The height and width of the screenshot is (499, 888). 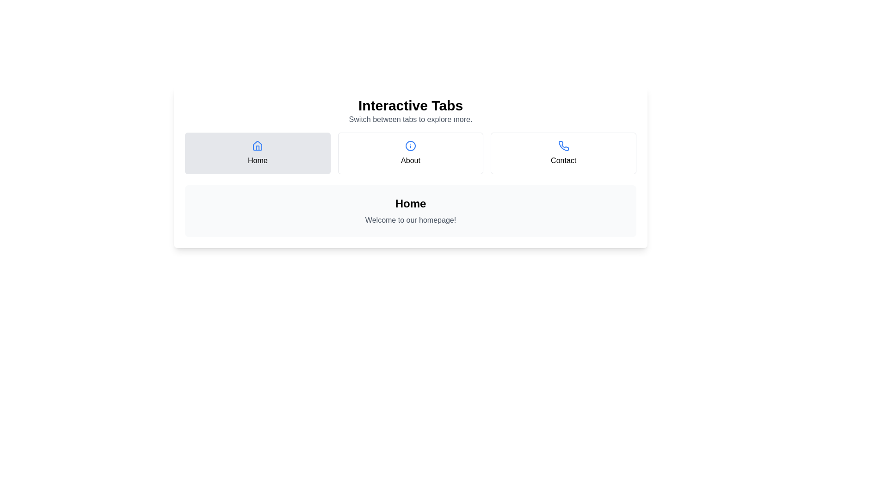 What do you see at coordinates (410, 152) in the screenshot?
I see `the tab labeled About to display its associated text` at bounding box center [410, 152].